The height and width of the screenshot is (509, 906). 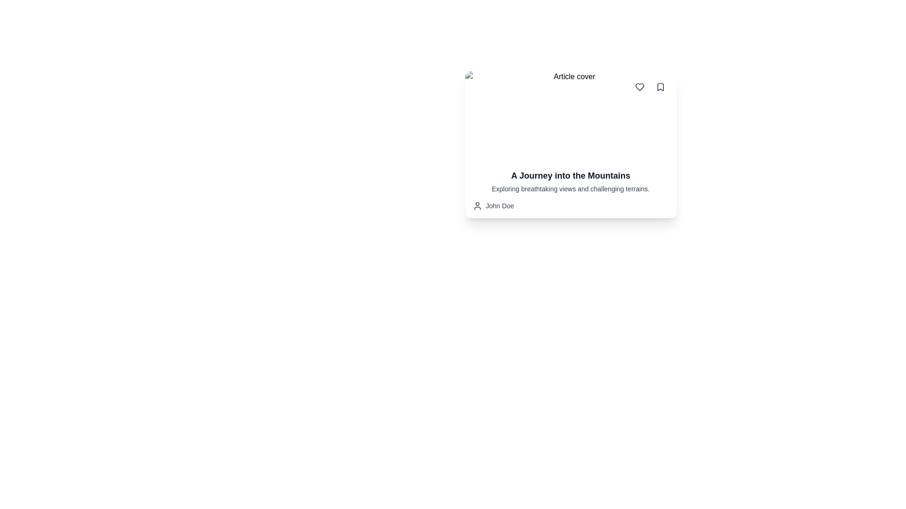 What do you see at coordinates (639, 87) in the screenshot?
I see `the heart-shaped SVG icon at the top right of the interactive panel to express preference for the article 'A Journey into the Mountains'` at bounding box center [639, 87].